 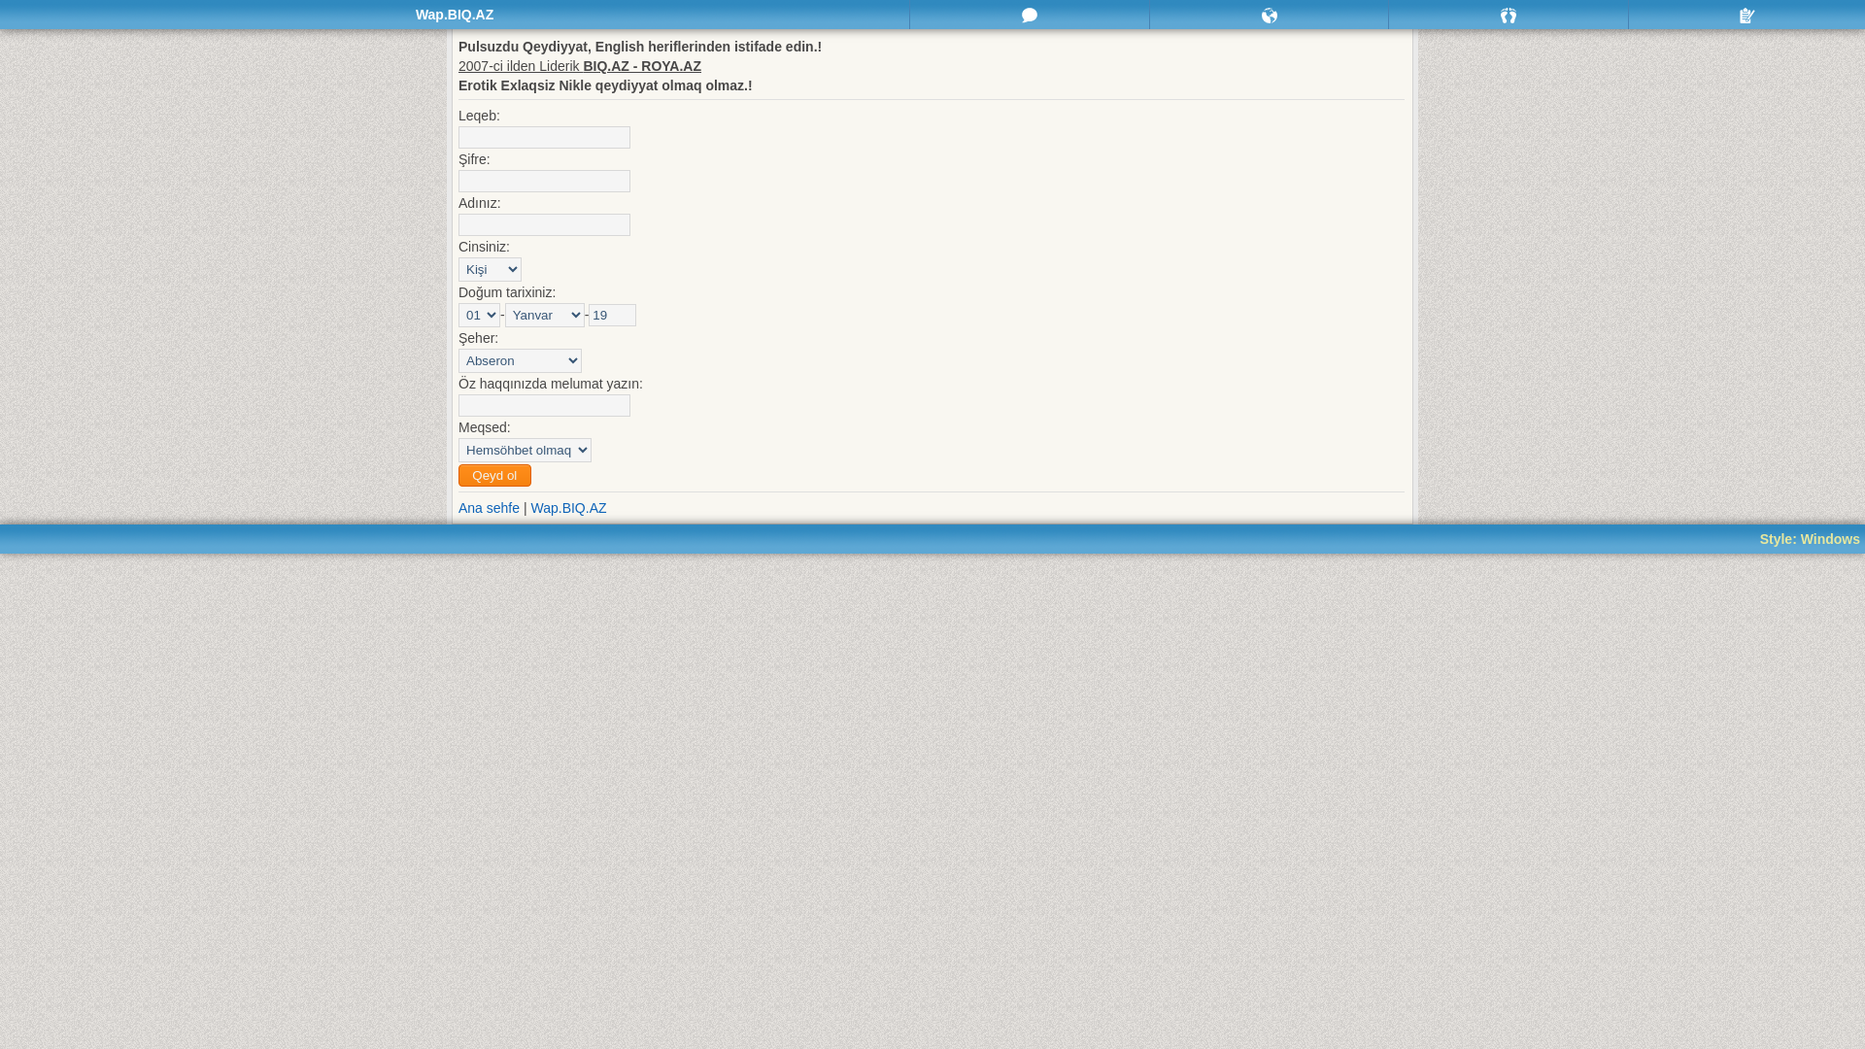 What do you see at coordinates (457, 507) in the screenshot?
I see `'Ana sehfe'` at bounding box center [457, 507].